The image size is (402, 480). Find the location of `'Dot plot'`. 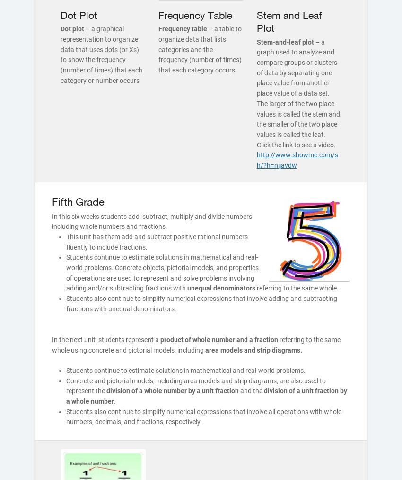

'Dot plot' is located at coordinates (61, 28).